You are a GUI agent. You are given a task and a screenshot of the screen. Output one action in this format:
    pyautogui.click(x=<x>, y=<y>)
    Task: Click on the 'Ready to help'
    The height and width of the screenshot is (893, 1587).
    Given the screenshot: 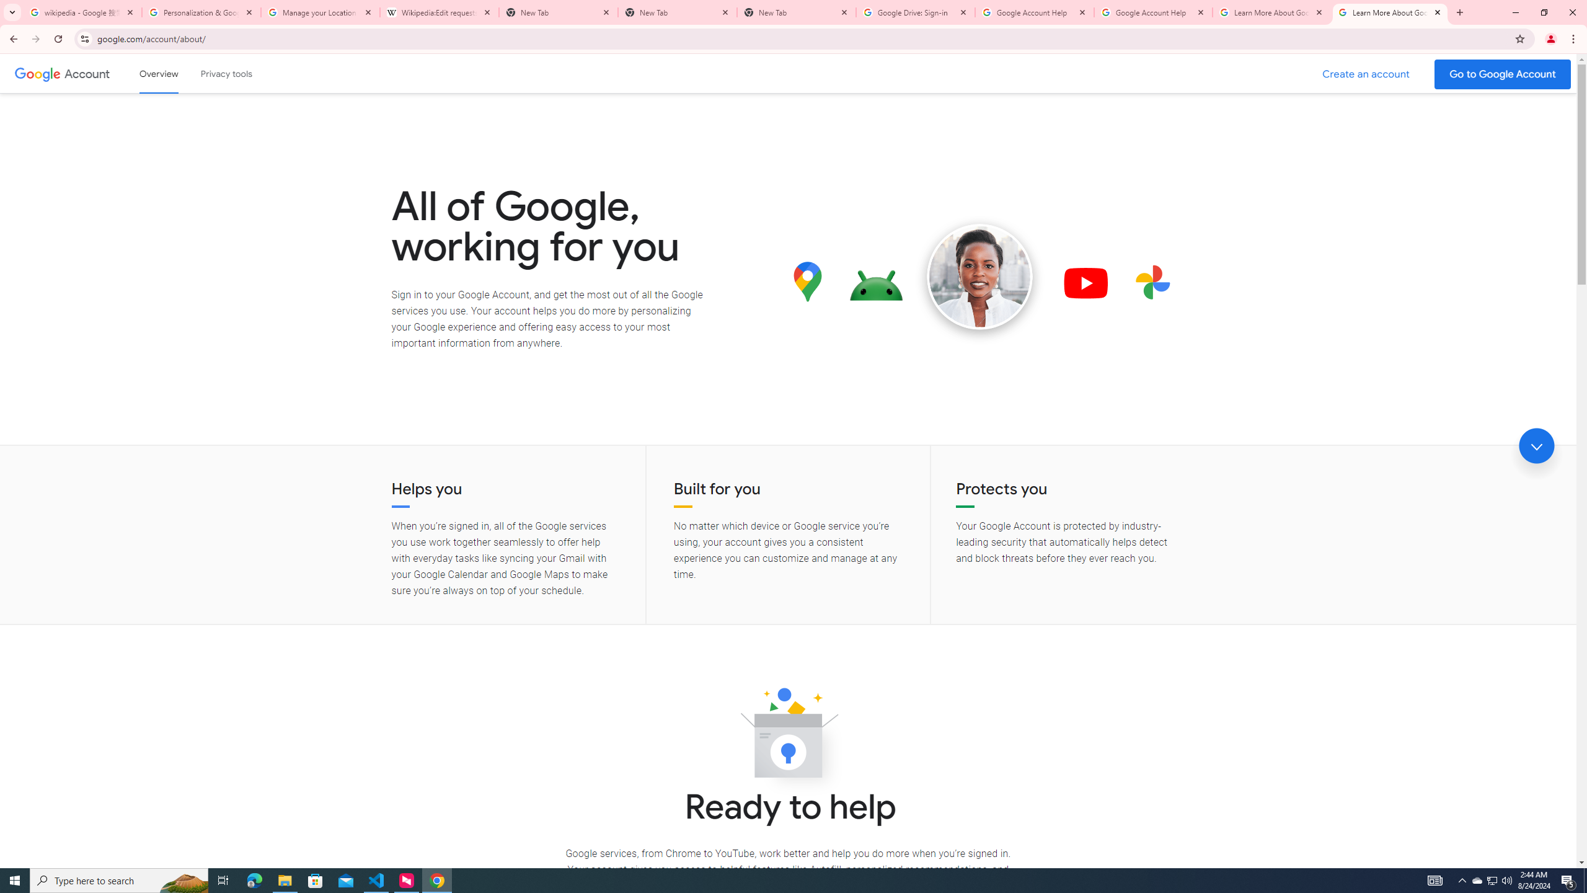 What is the action you would take?
    pyautogui.click(x=788, y=736)
    